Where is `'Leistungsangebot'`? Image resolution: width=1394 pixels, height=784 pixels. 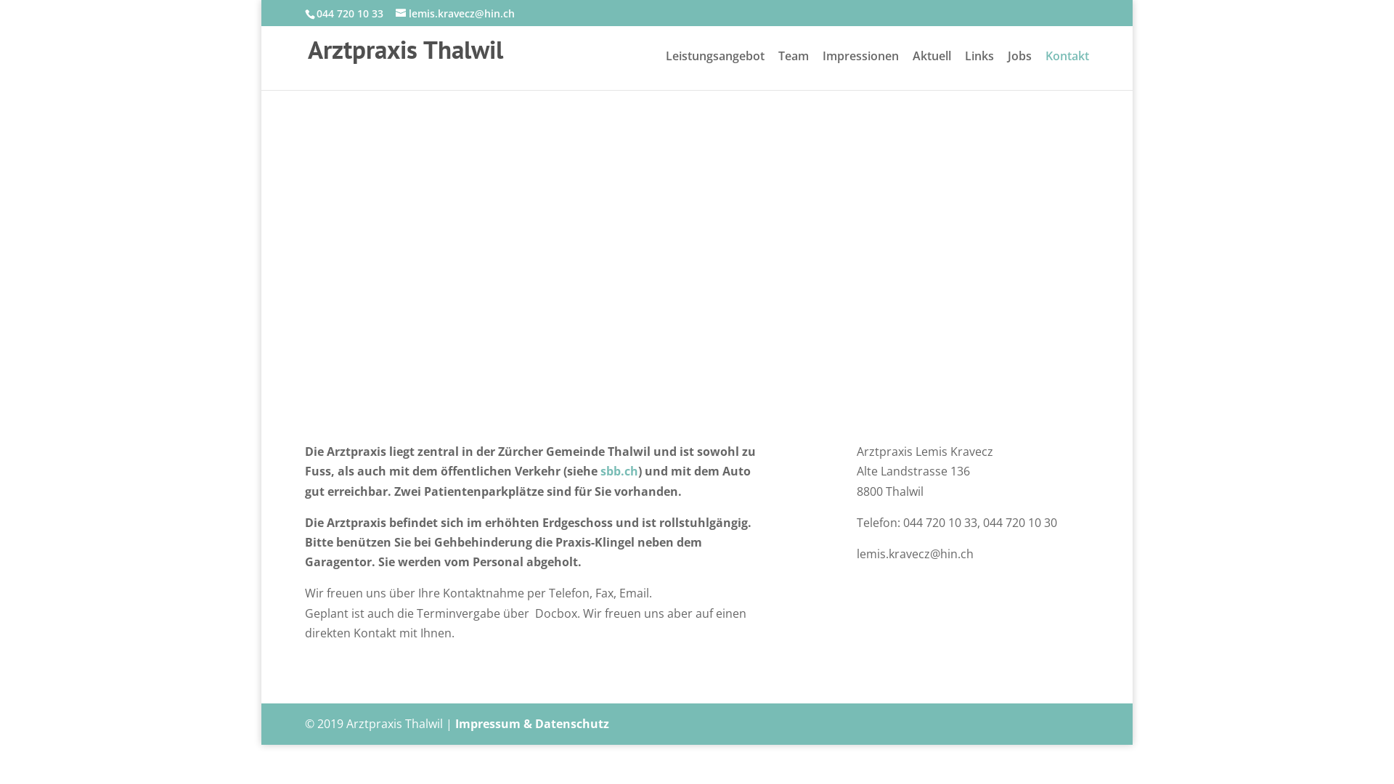
'Leistungsangebot' is located at coordinates (714, 70).